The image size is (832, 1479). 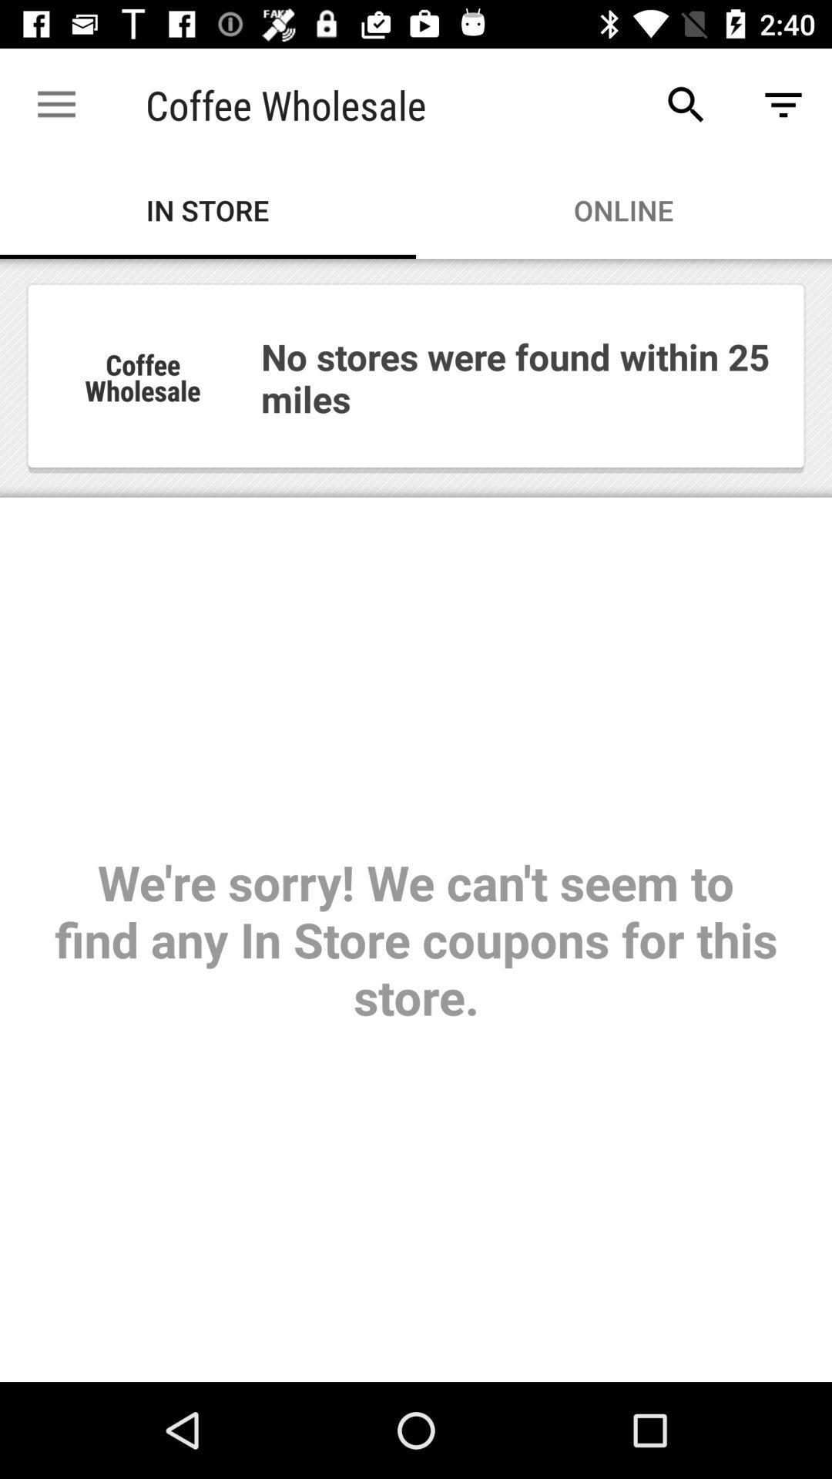 I want to click on app next to the coffee wholesale, so click(x=55, y=104).